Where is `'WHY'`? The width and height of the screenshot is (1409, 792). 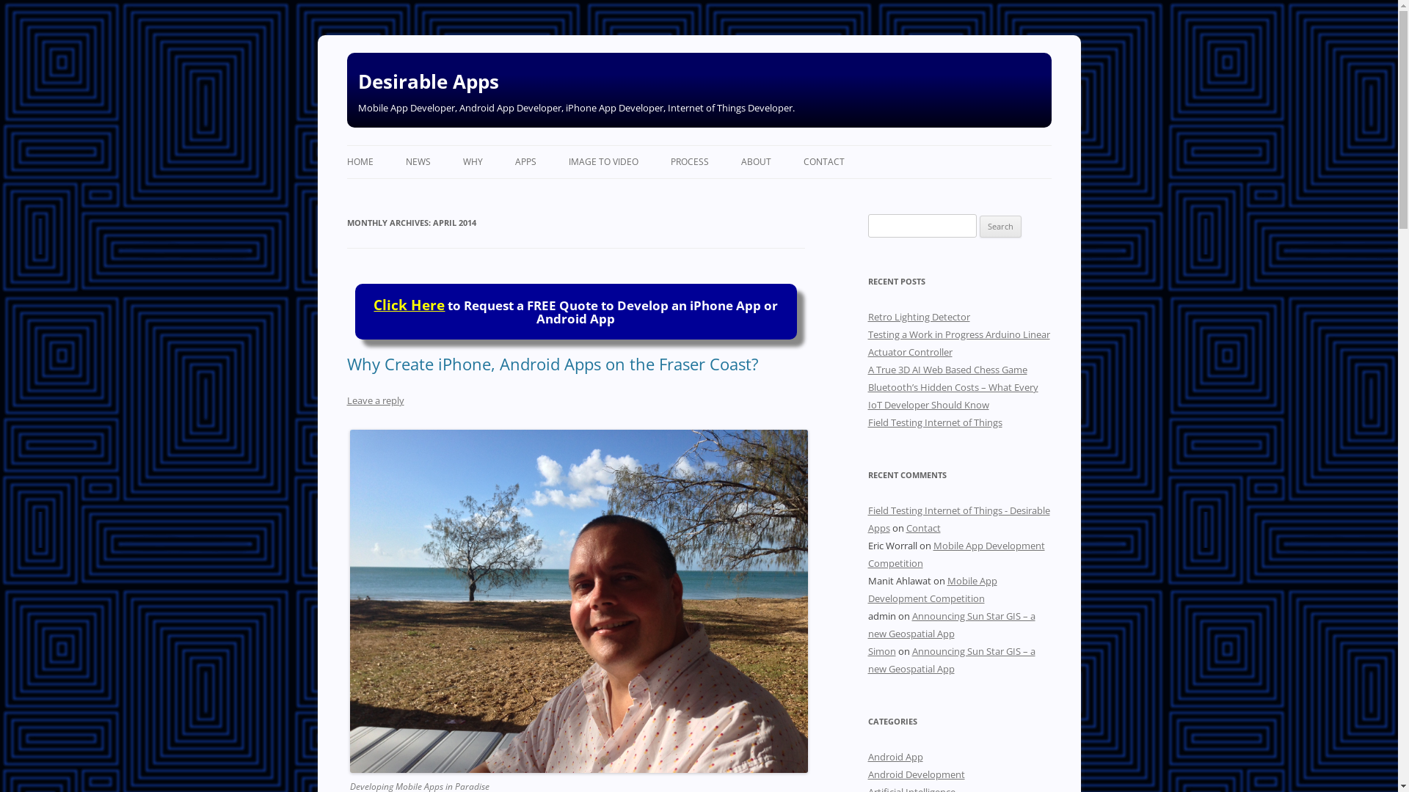 'WHY' is located at coordinates (472, 161).